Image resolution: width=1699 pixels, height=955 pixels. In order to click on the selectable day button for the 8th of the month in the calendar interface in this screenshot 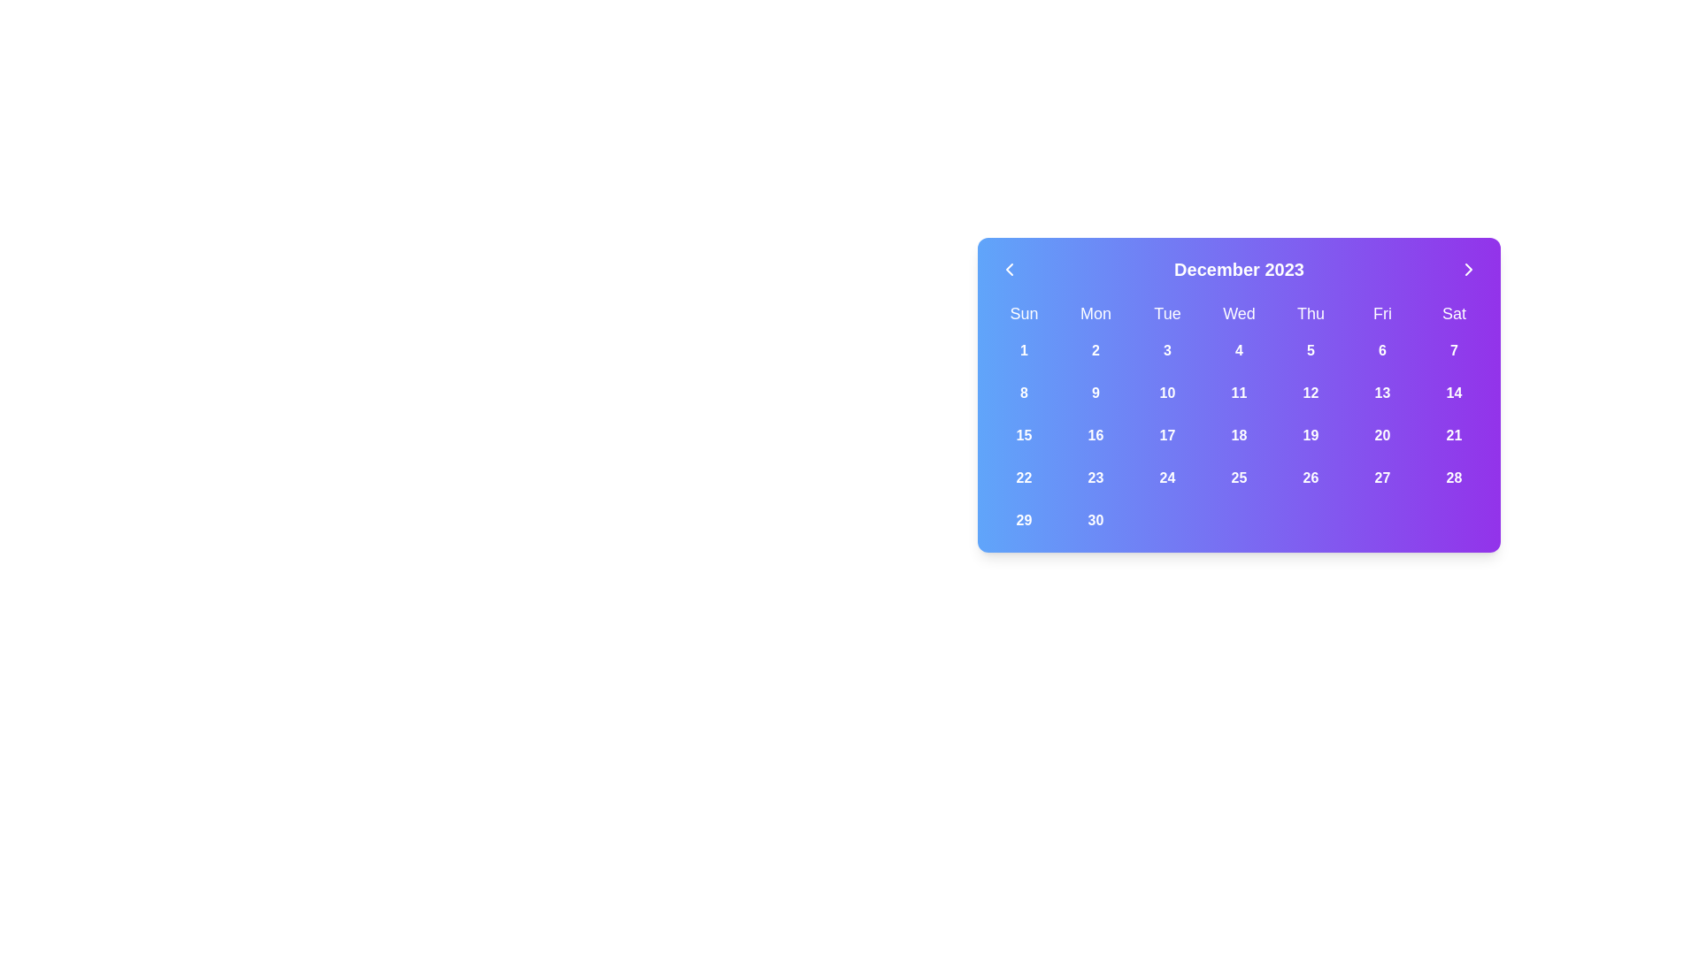, I will do `click(1024, 392)`.